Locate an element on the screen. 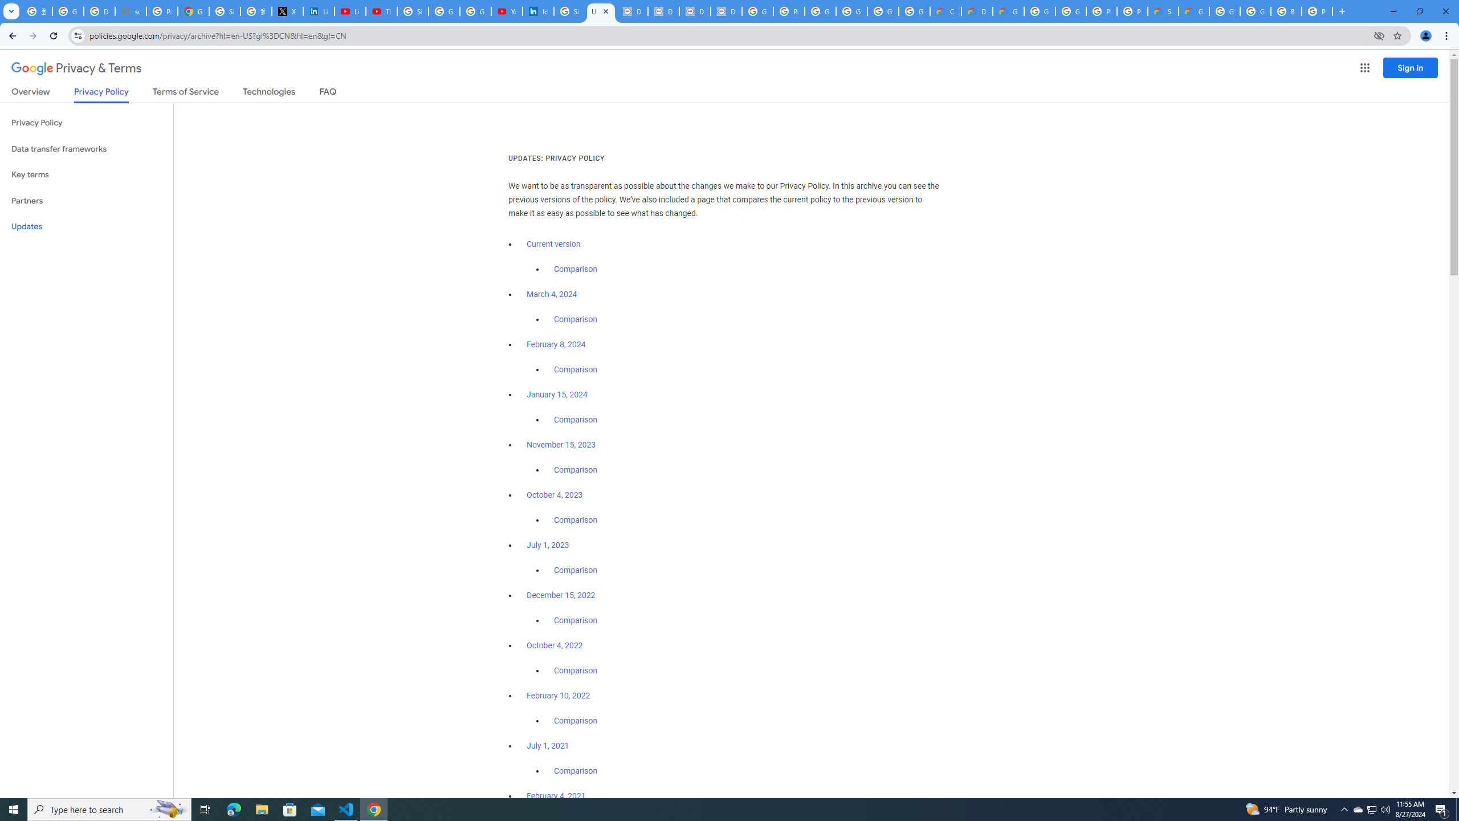 The height and width of the screenshot is (821, 1459). 'Current version' is located at coordinates (553, 244).